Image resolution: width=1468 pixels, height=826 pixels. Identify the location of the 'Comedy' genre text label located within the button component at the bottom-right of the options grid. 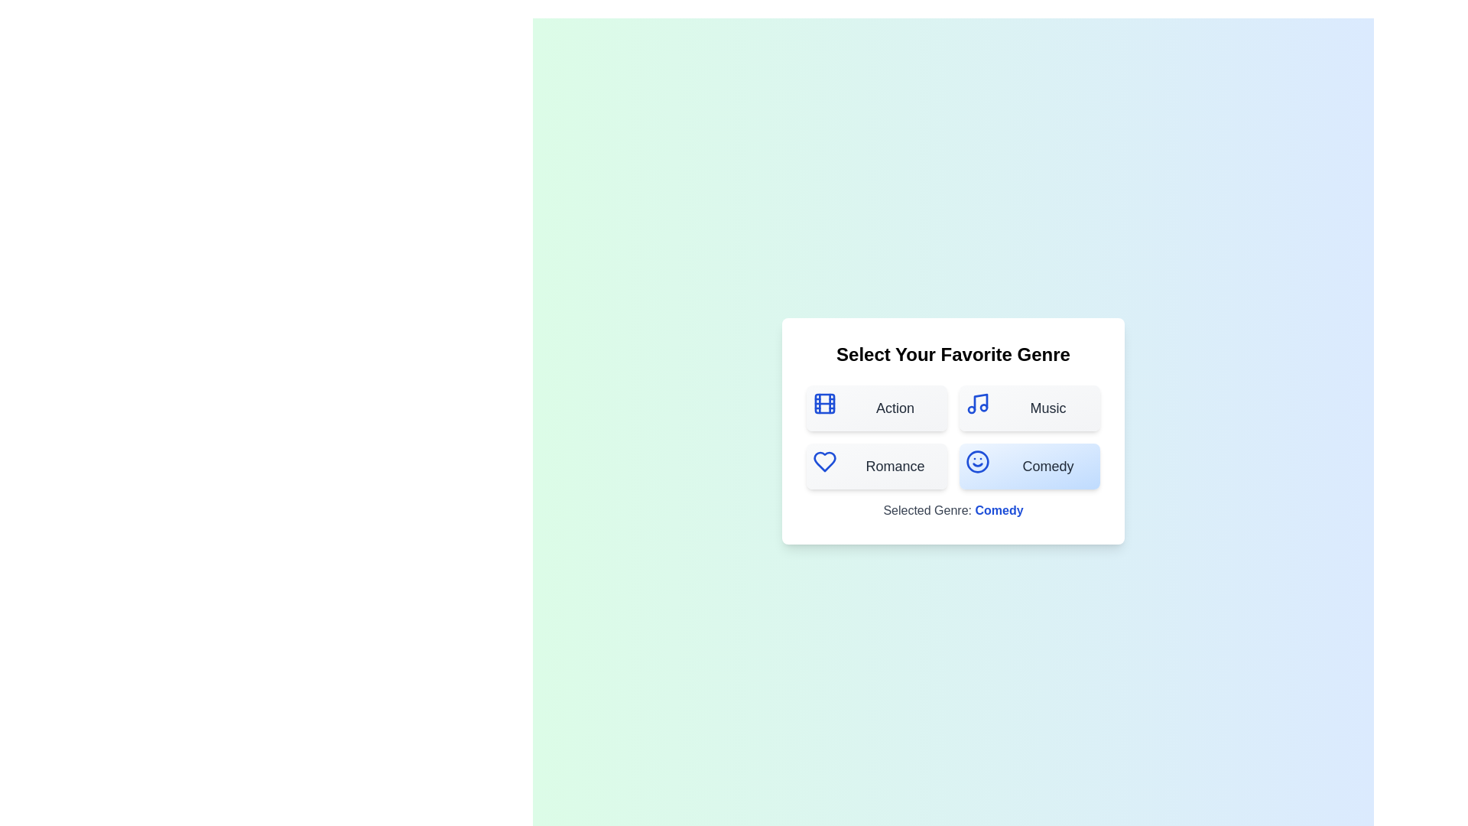
(1047, 465).